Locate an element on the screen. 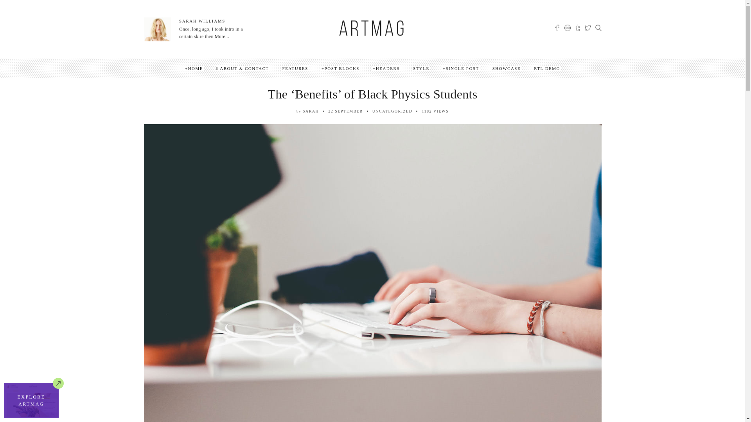 This screenshot has height=422, width=751. 'FEATURES' is located at coordinates (295, 68).